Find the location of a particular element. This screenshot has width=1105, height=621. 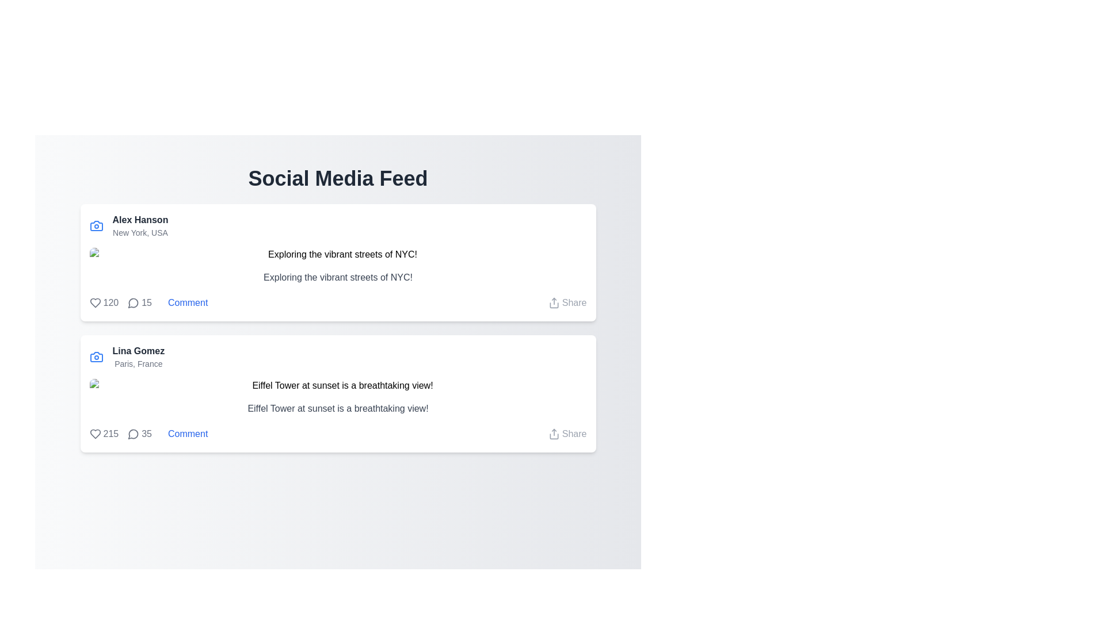

the heart-shaped icon (grey outline) adjacent to the number '215' to like the post from 'Lina Gomez' is located at coordinates (95, 434).